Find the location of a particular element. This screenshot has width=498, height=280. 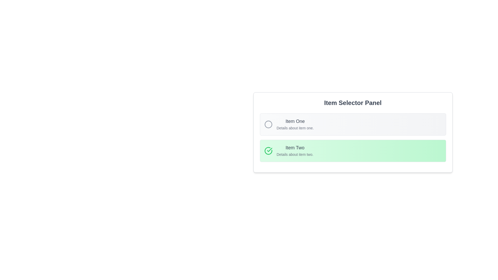

the text label displaying 'Details about item one.' which is located below the 'Item One' text in the 'Item Selector Panel.' is located at coordinates (295, 128).